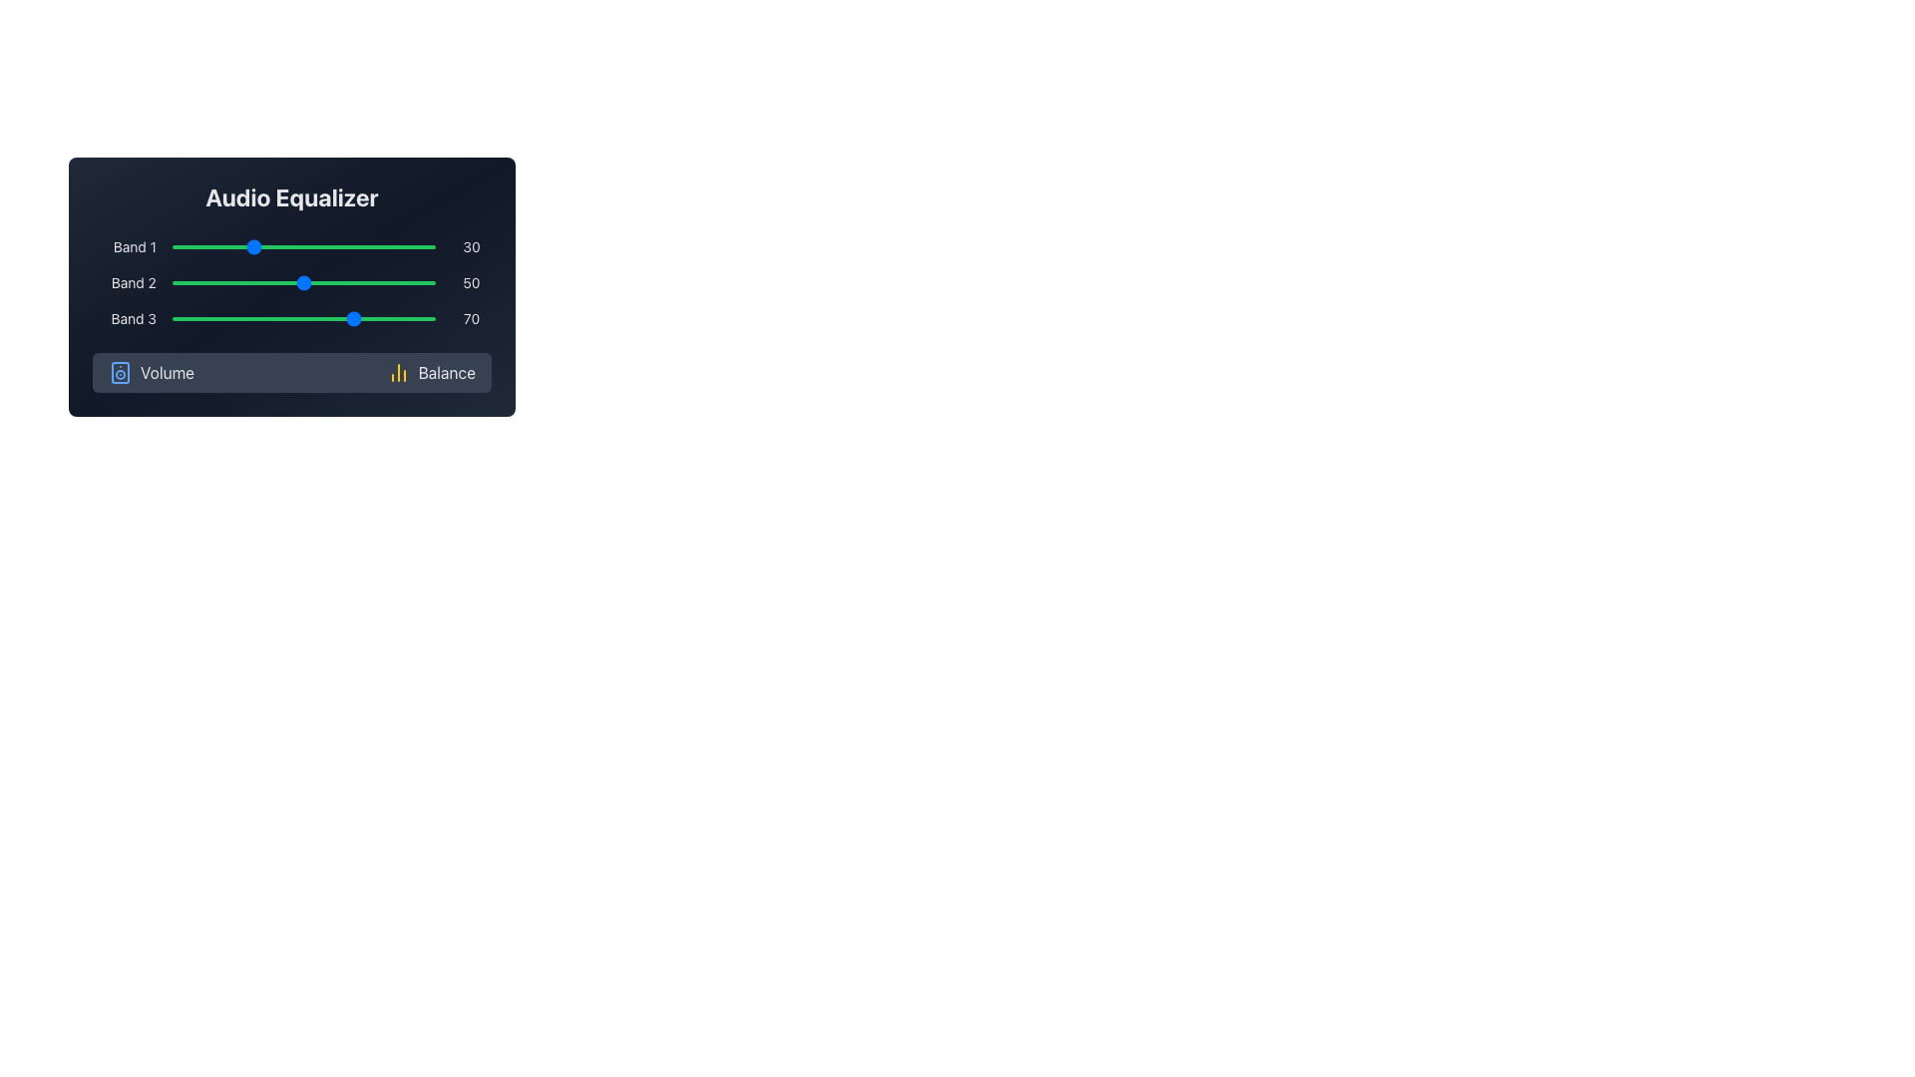  Describe the element at coordinates (151, 373) in the screenshot. I see `the 'Volume' button, which features a blue outlined speaker icon and white text` at that location.